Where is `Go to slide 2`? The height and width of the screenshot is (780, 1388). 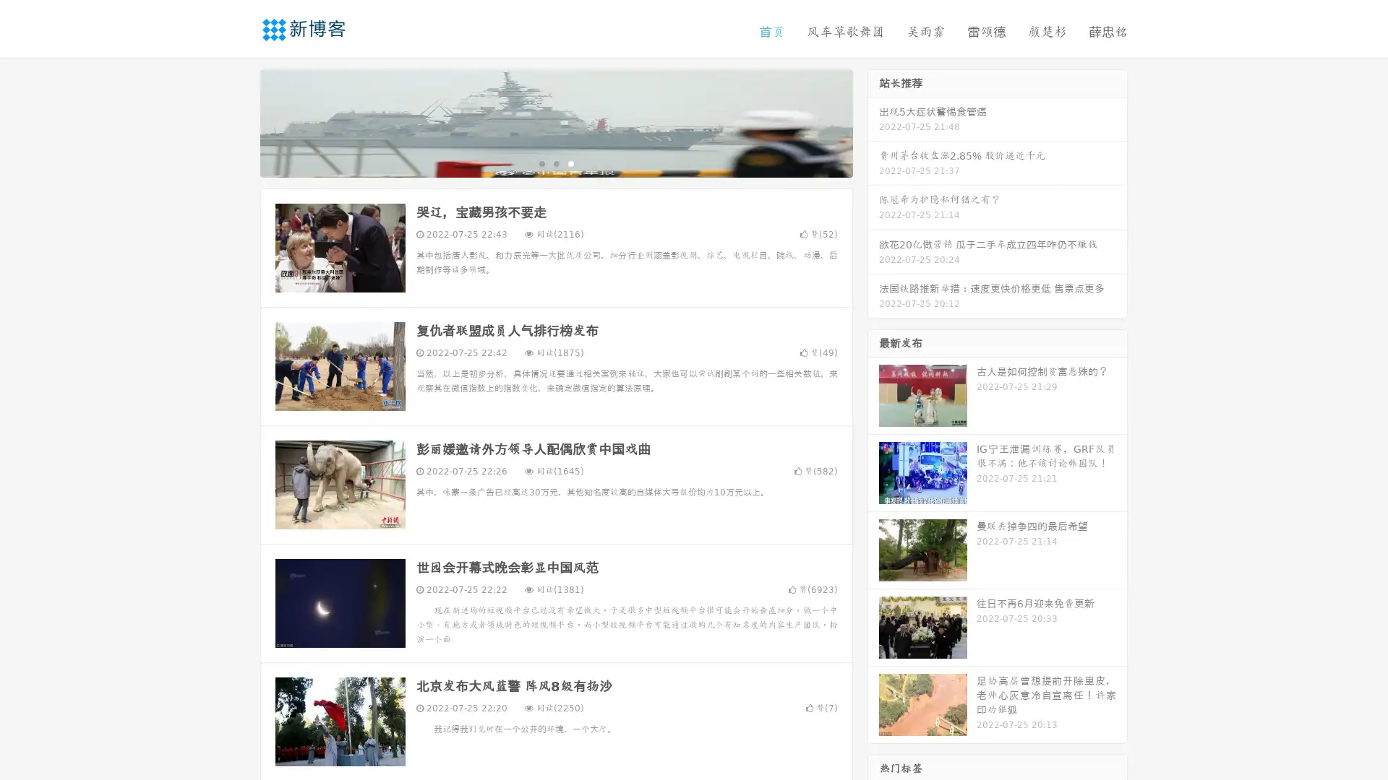 Go to slide 2 is located at coordinates (555, 162).